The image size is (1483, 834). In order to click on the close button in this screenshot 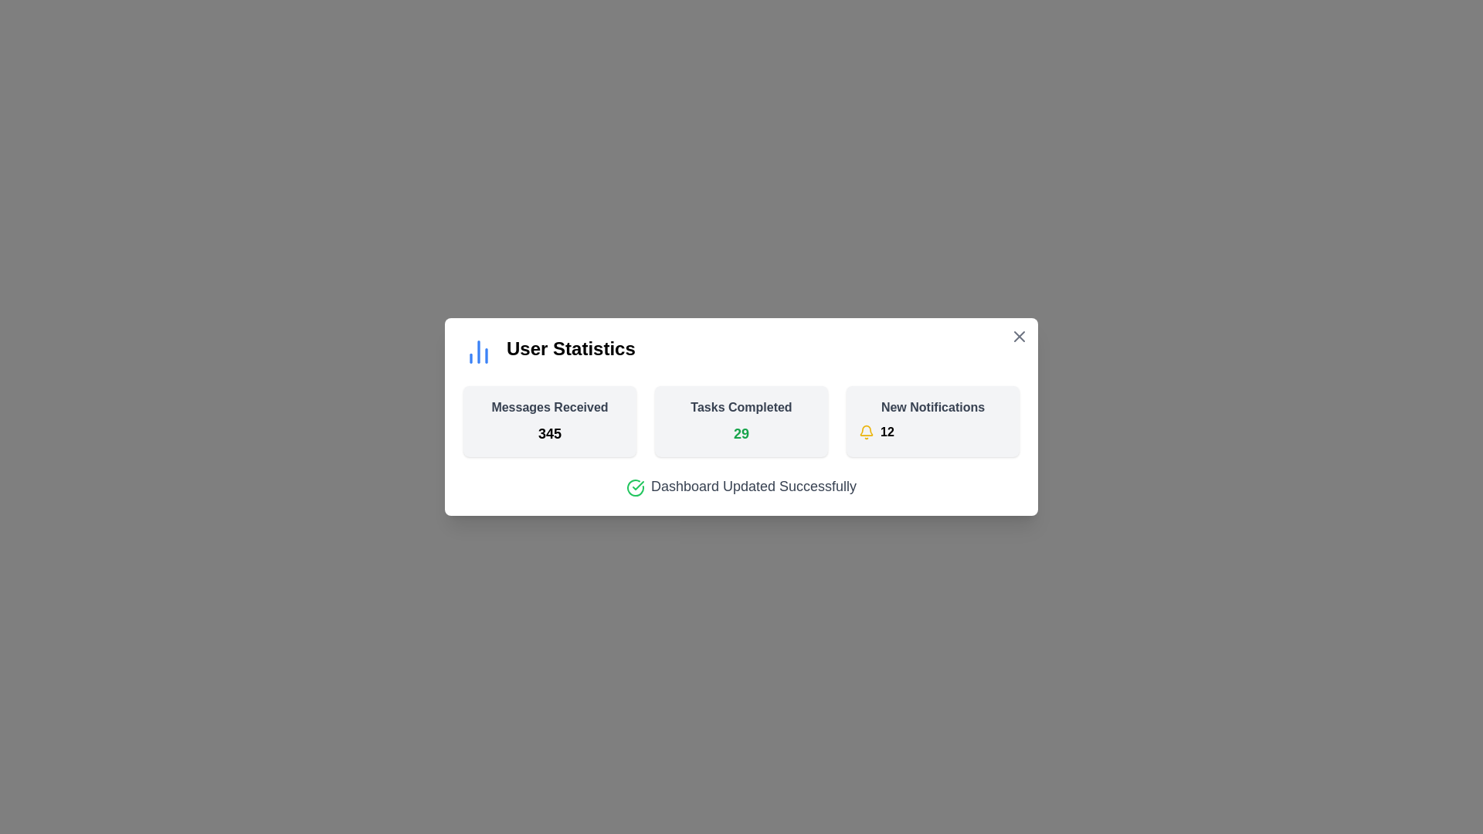, I will do `click(1020, 335)`.